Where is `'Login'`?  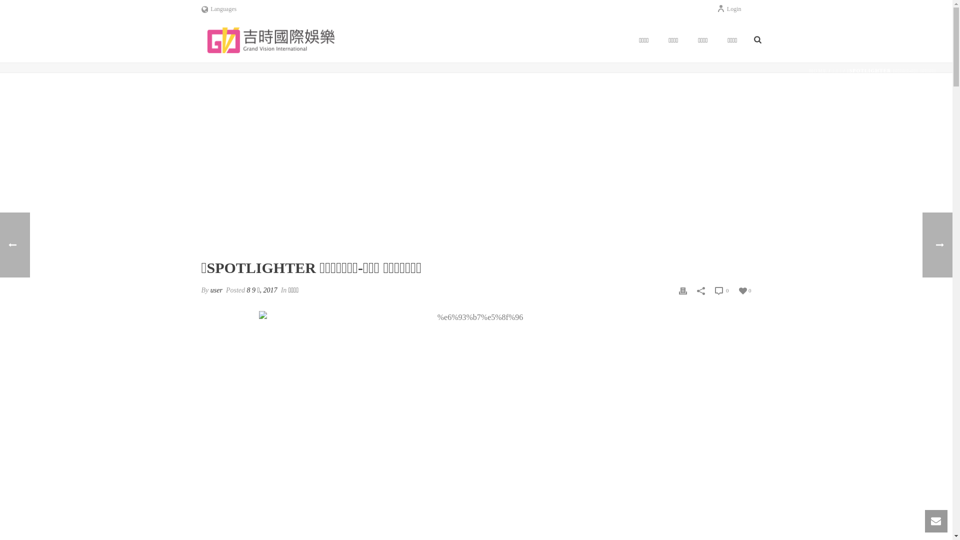
'Login' is located at coordinates (729, 9).